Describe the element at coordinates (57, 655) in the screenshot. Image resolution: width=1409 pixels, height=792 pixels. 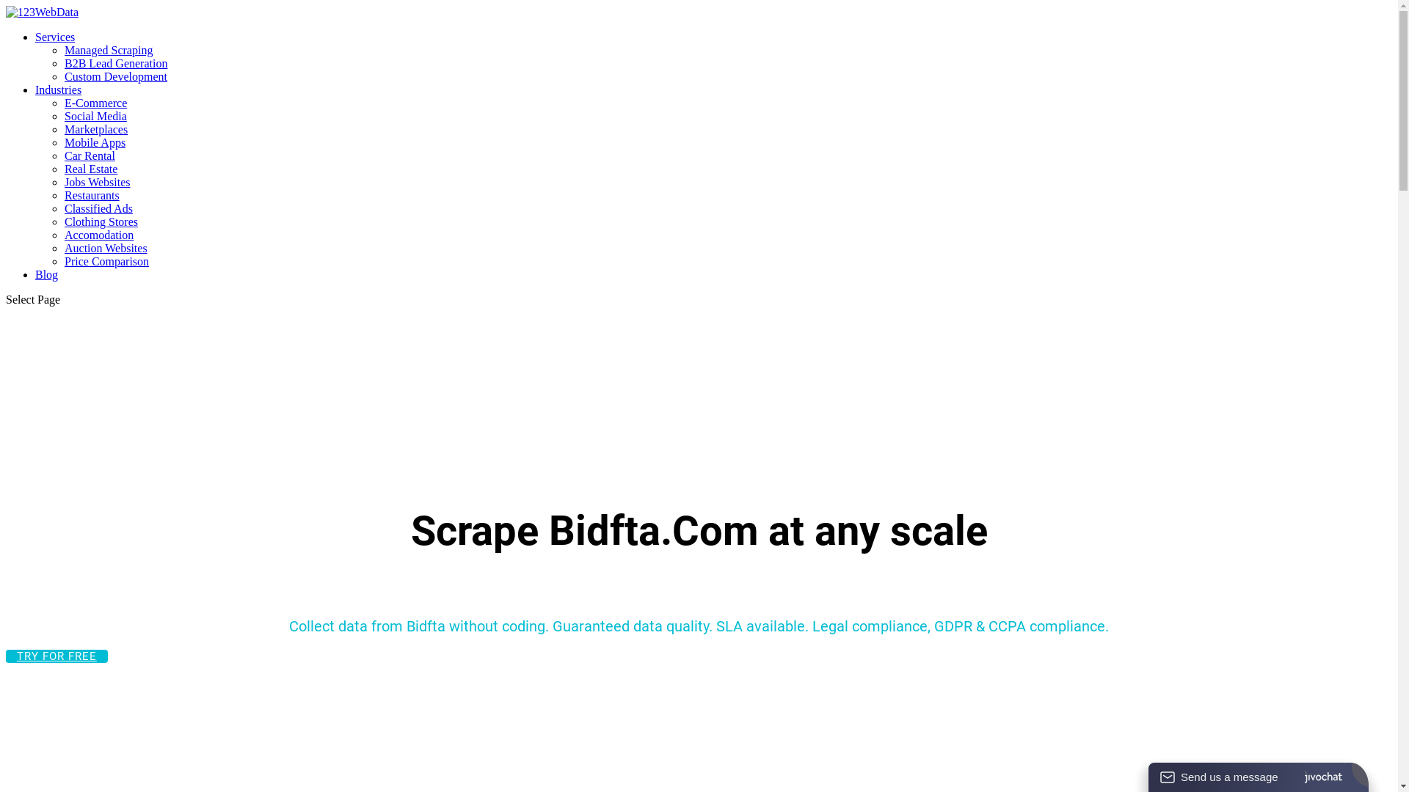
I see `'TRY FOR FREE'` at that location.